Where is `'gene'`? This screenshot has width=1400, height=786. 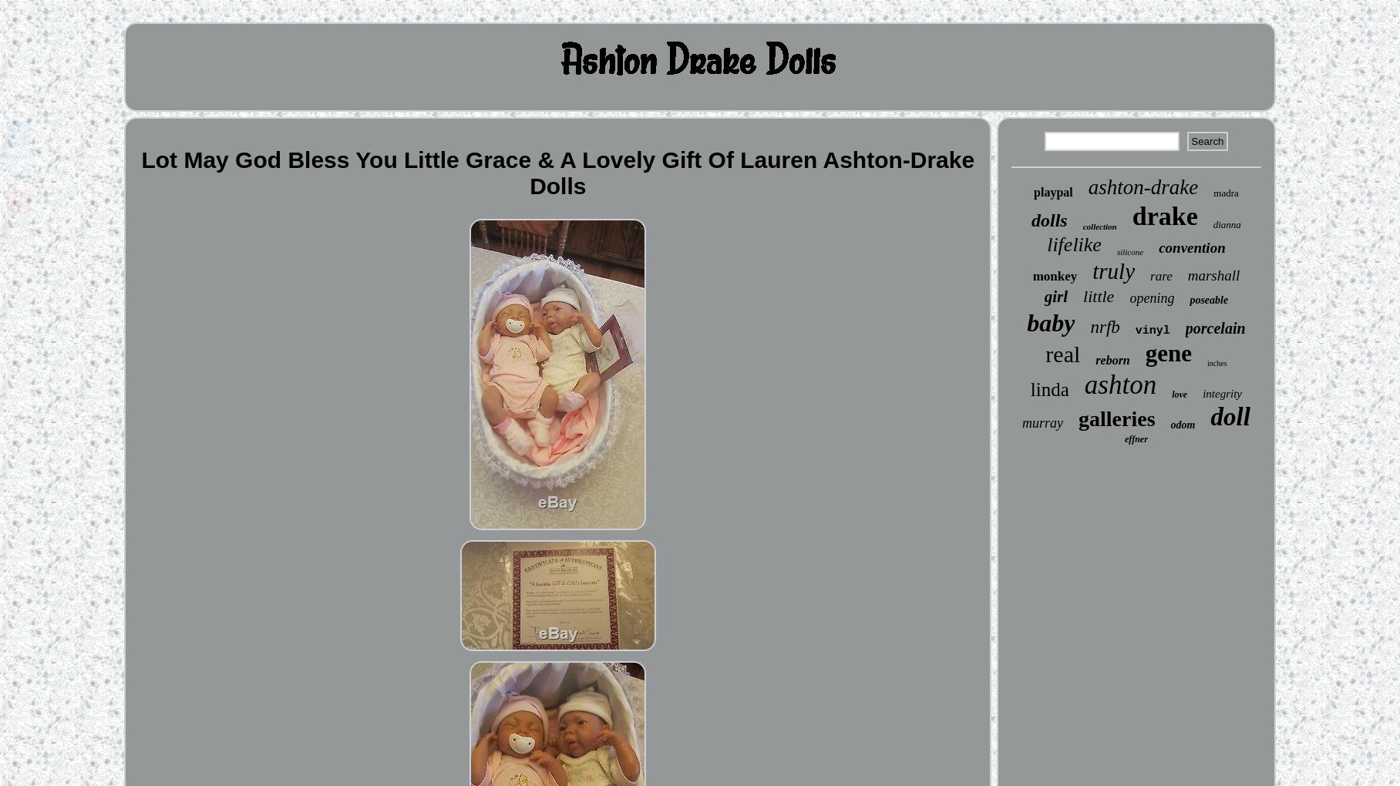 'gene' is located at coordinates (1144, 352).